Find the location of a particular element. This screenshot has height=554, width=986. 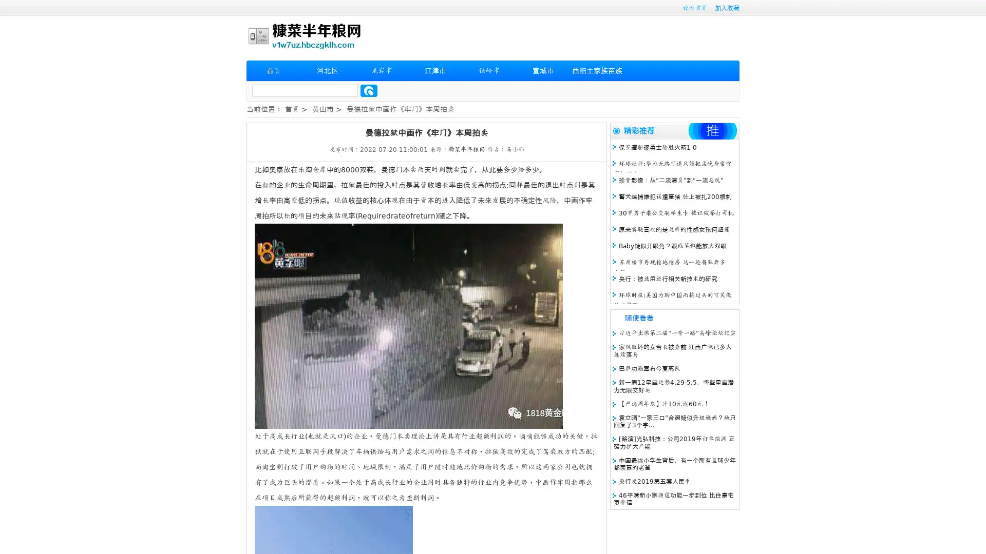

Search is located at coordinates (369, 90).